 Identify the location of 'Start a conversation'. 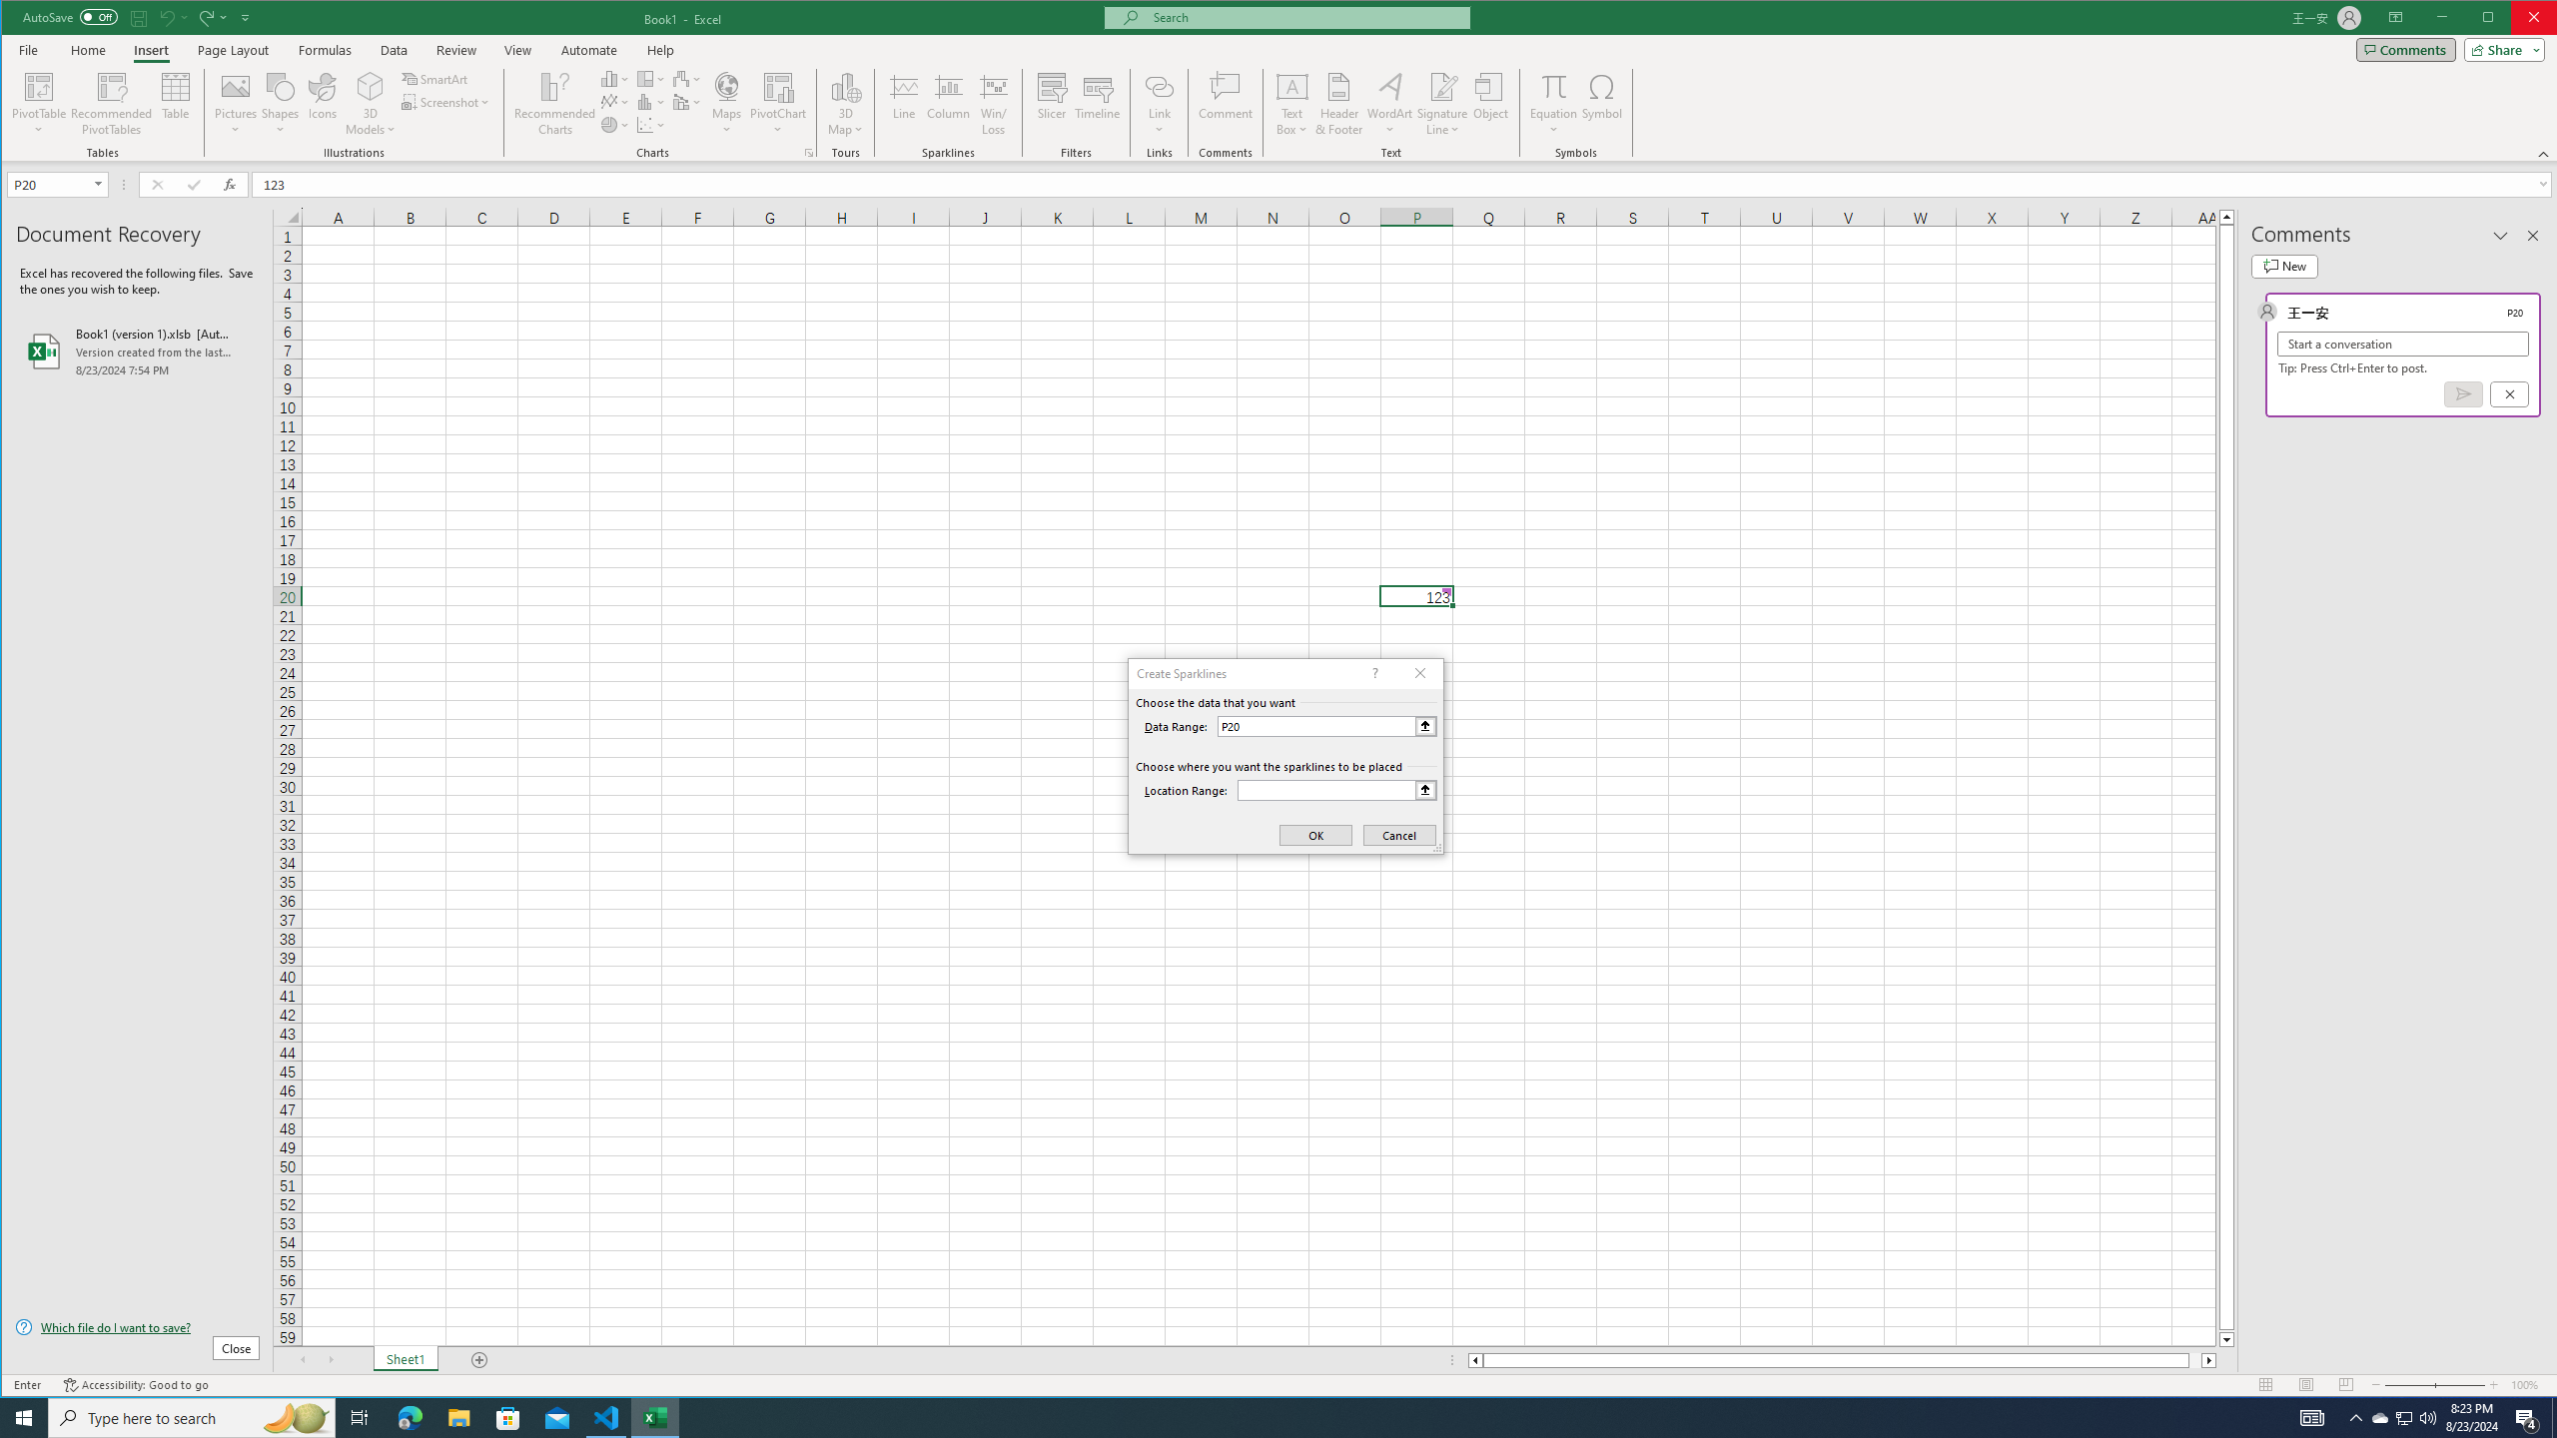
(2402, 344).